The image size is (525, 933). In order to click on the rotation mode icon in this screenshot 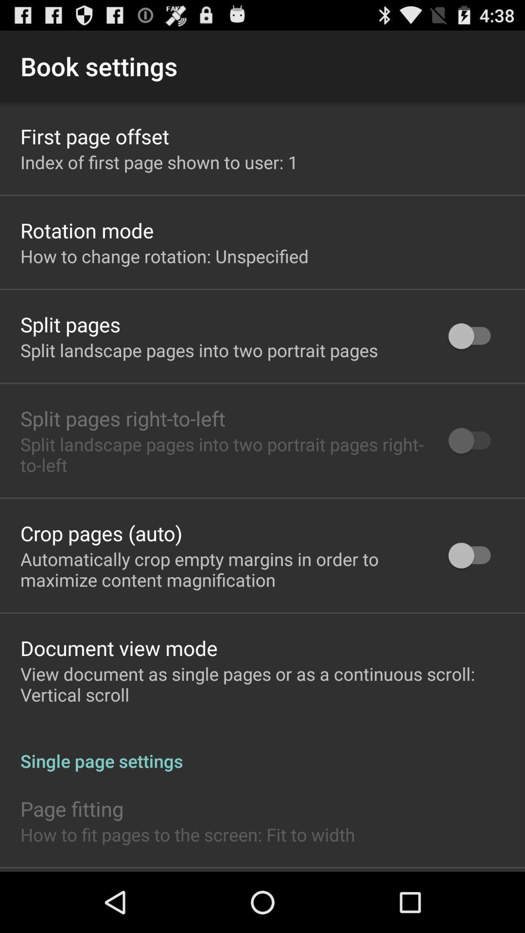, I will do `click(87, 230)`.